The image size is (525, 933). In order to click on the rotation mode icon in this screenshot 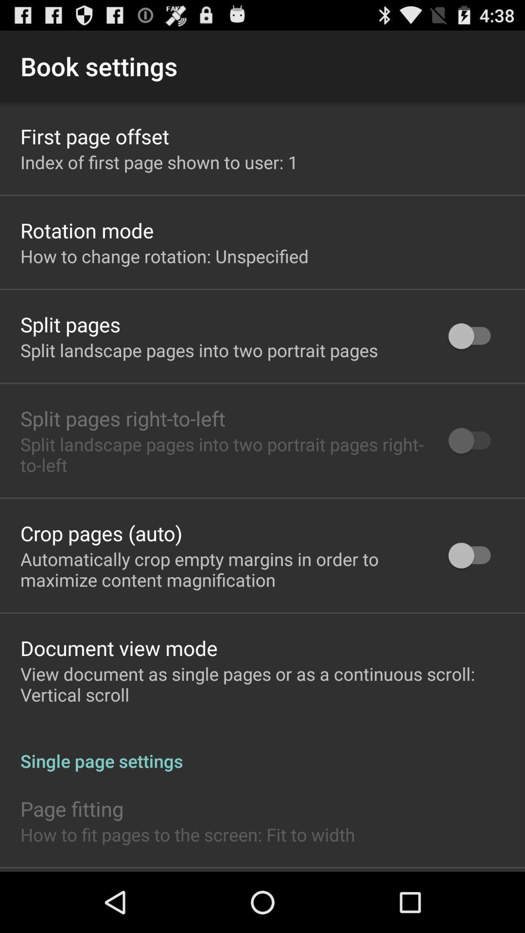, I will do `click(87, 230)`.